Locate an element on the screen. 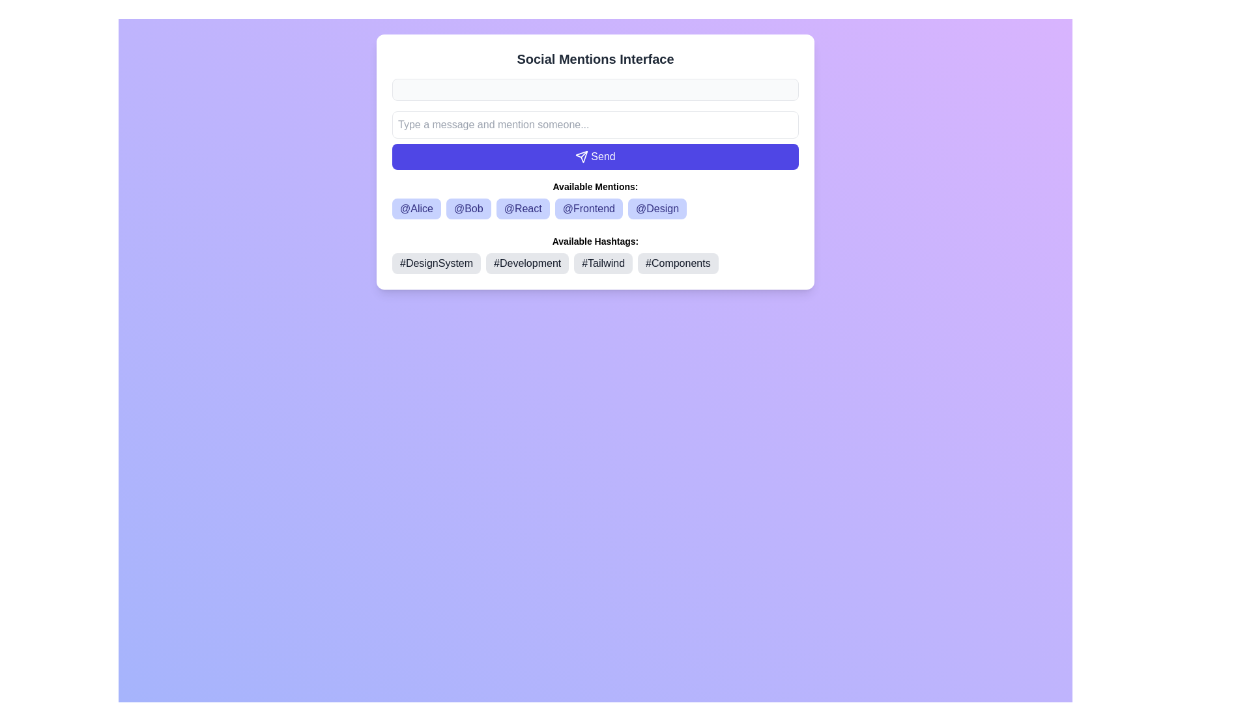 This screenshot has height=703, width=1251. the '@Alice' label in the 'Available Mentions' section is located at coordinates (416, 208).